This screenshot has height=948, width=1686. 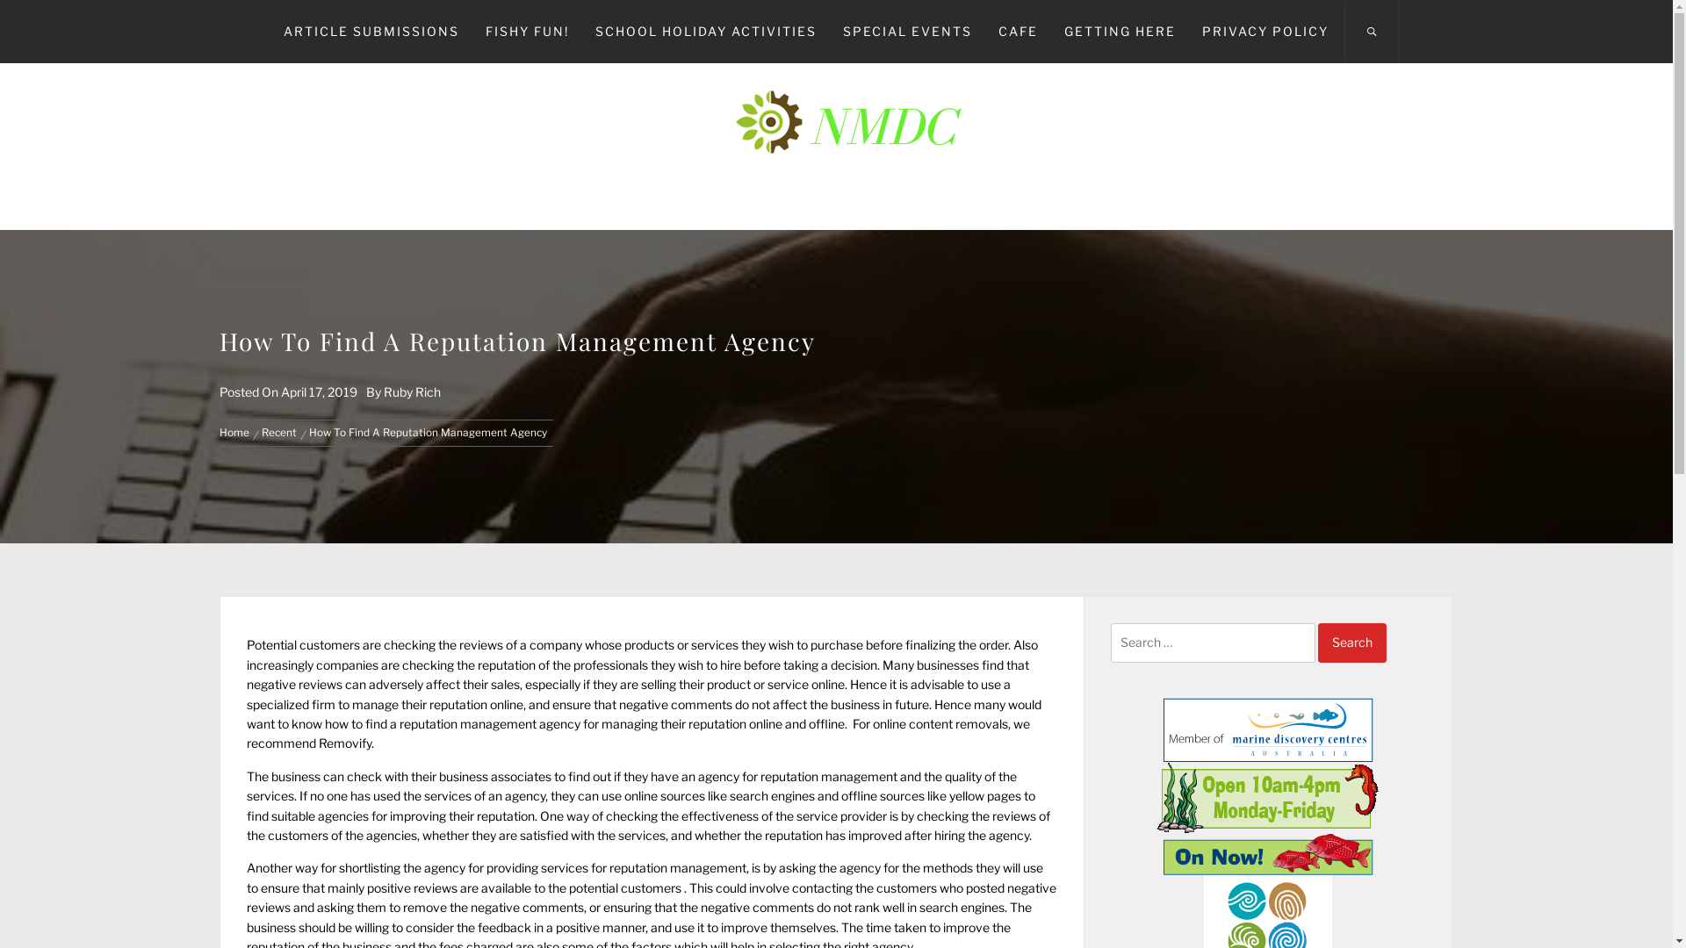 I want to click on 'Ruby Rich', so click(x=411, y=391).